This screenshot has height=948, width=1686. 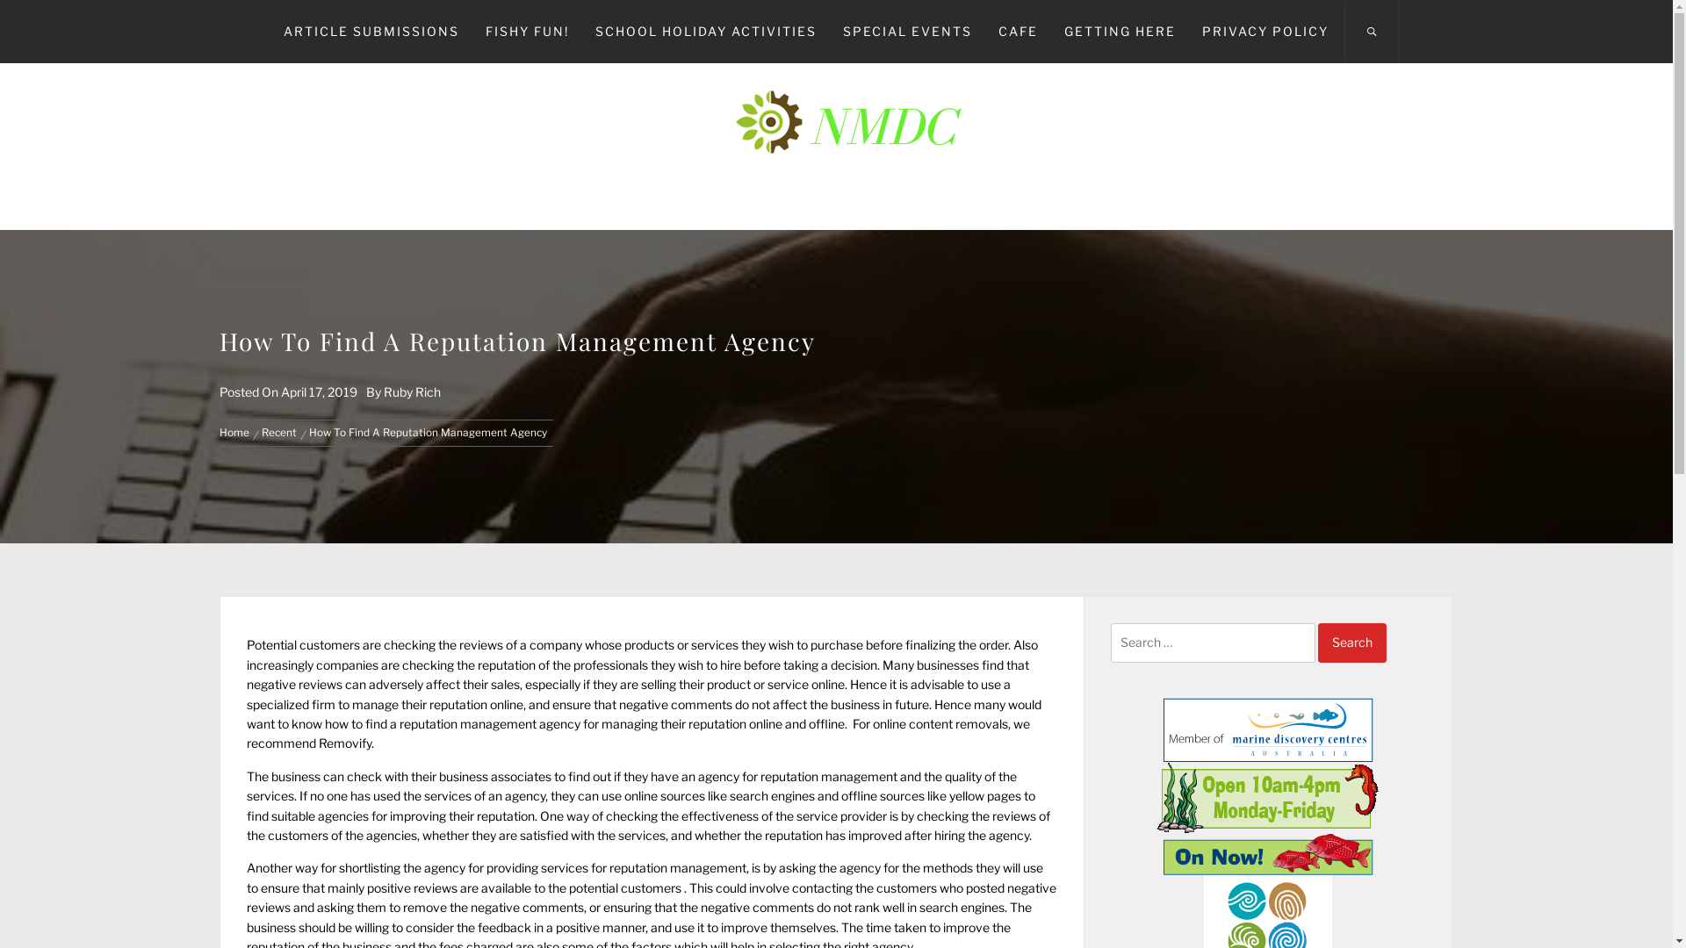 I want to click on 'Ruby Rich', so click(x=411, y=391).